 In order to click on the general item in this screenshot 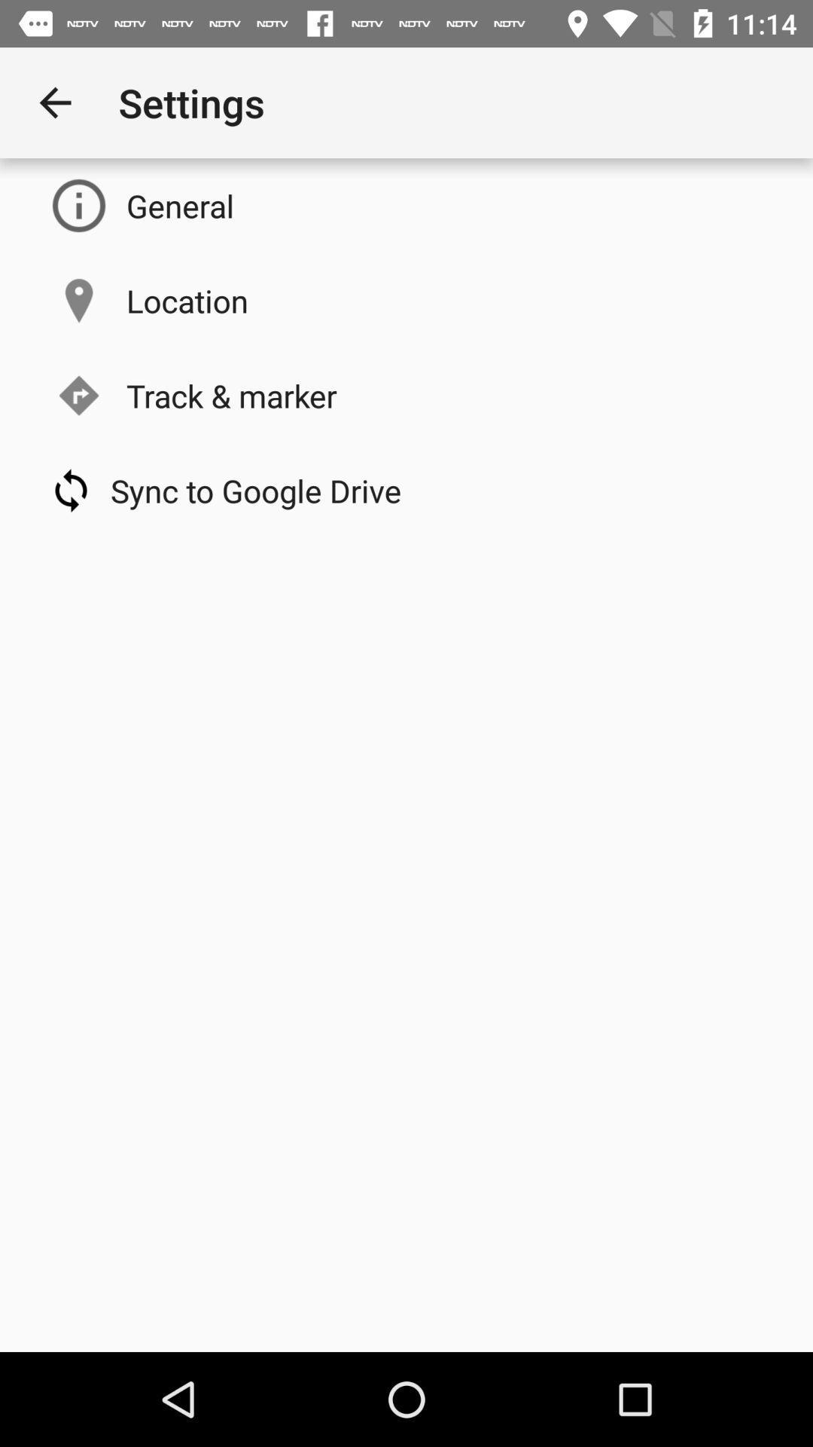, I will do `click(179, 205)`.